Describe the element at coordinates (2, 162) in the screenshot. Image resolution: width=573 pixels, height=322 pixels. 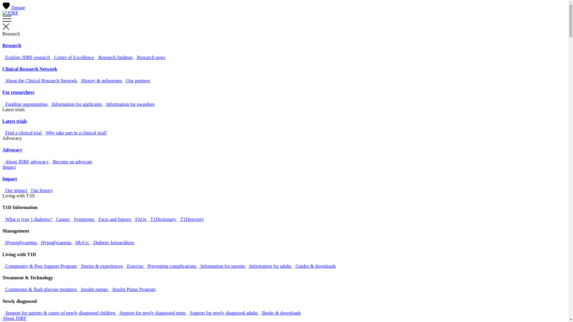
I see `'About JDRF advocacy'` at that location.